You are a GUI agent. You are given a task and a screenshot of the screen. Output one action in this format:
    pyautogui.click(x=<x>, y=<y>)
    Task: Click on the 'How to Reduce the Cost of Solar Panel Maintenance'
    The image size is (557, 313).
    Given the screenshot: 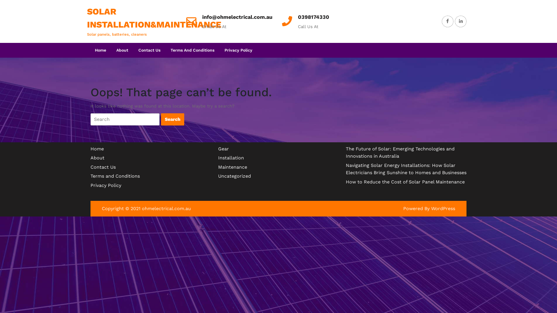 What is the action you would take?
    pyautogui.click(x=405, y=181)
    